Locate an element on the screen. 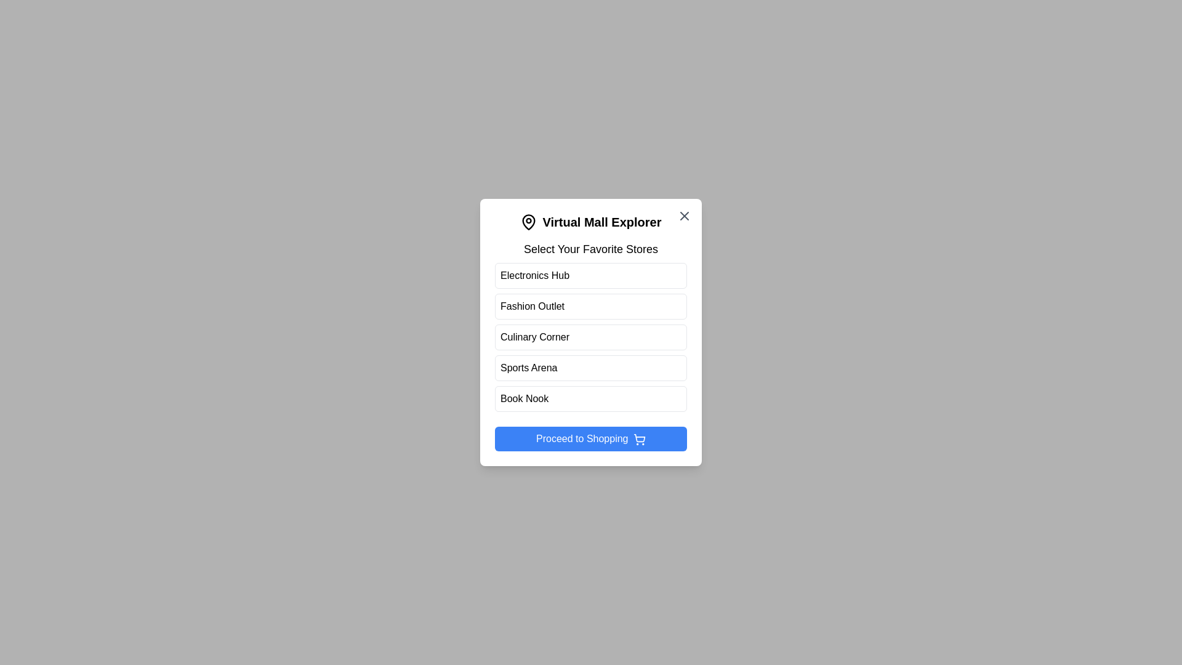 The width and height of the screenshot is (1182, 665). the label located in the fourth row of the list under the heading 'Select Your Favorite Stores' is located at coordinates (529, 367).